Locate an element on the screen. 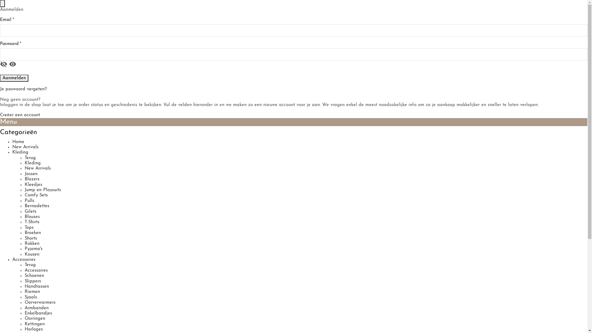 The width and height of the screenshot is (592, 333). 'Broeken' is located at coordinates (25, 233).